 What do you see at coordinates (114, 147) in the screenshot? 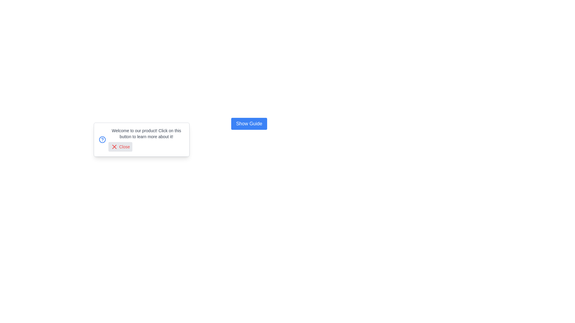
I see `the Close button icon located at the bottom right of the popup message box to trigger potential hover effects` at bounding box center [114, 147].